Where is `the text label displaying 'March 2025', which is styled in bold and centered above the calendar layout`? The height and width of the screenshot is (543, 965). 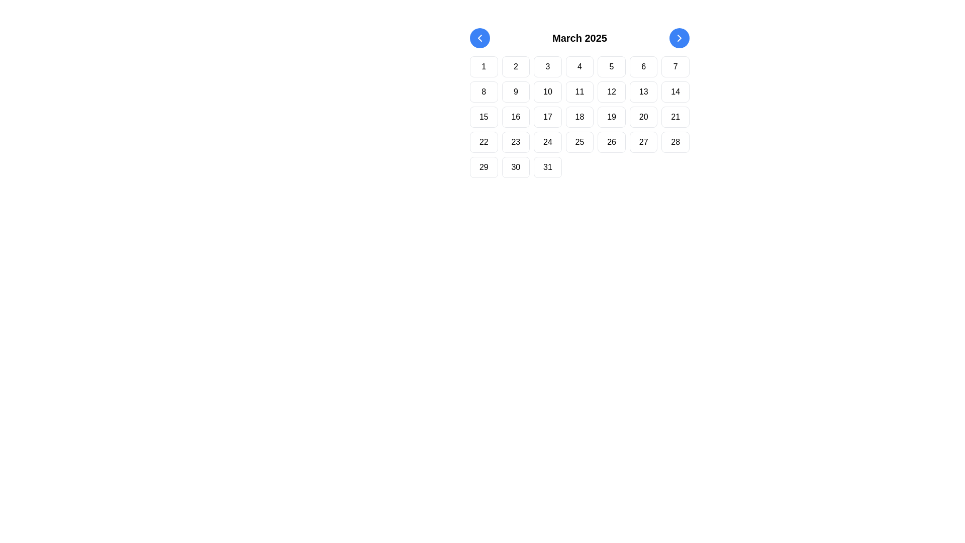 the text label displaying 'March 2025', which is styled in bold and centered above the calendar layout is located at coordinates (580, 38).